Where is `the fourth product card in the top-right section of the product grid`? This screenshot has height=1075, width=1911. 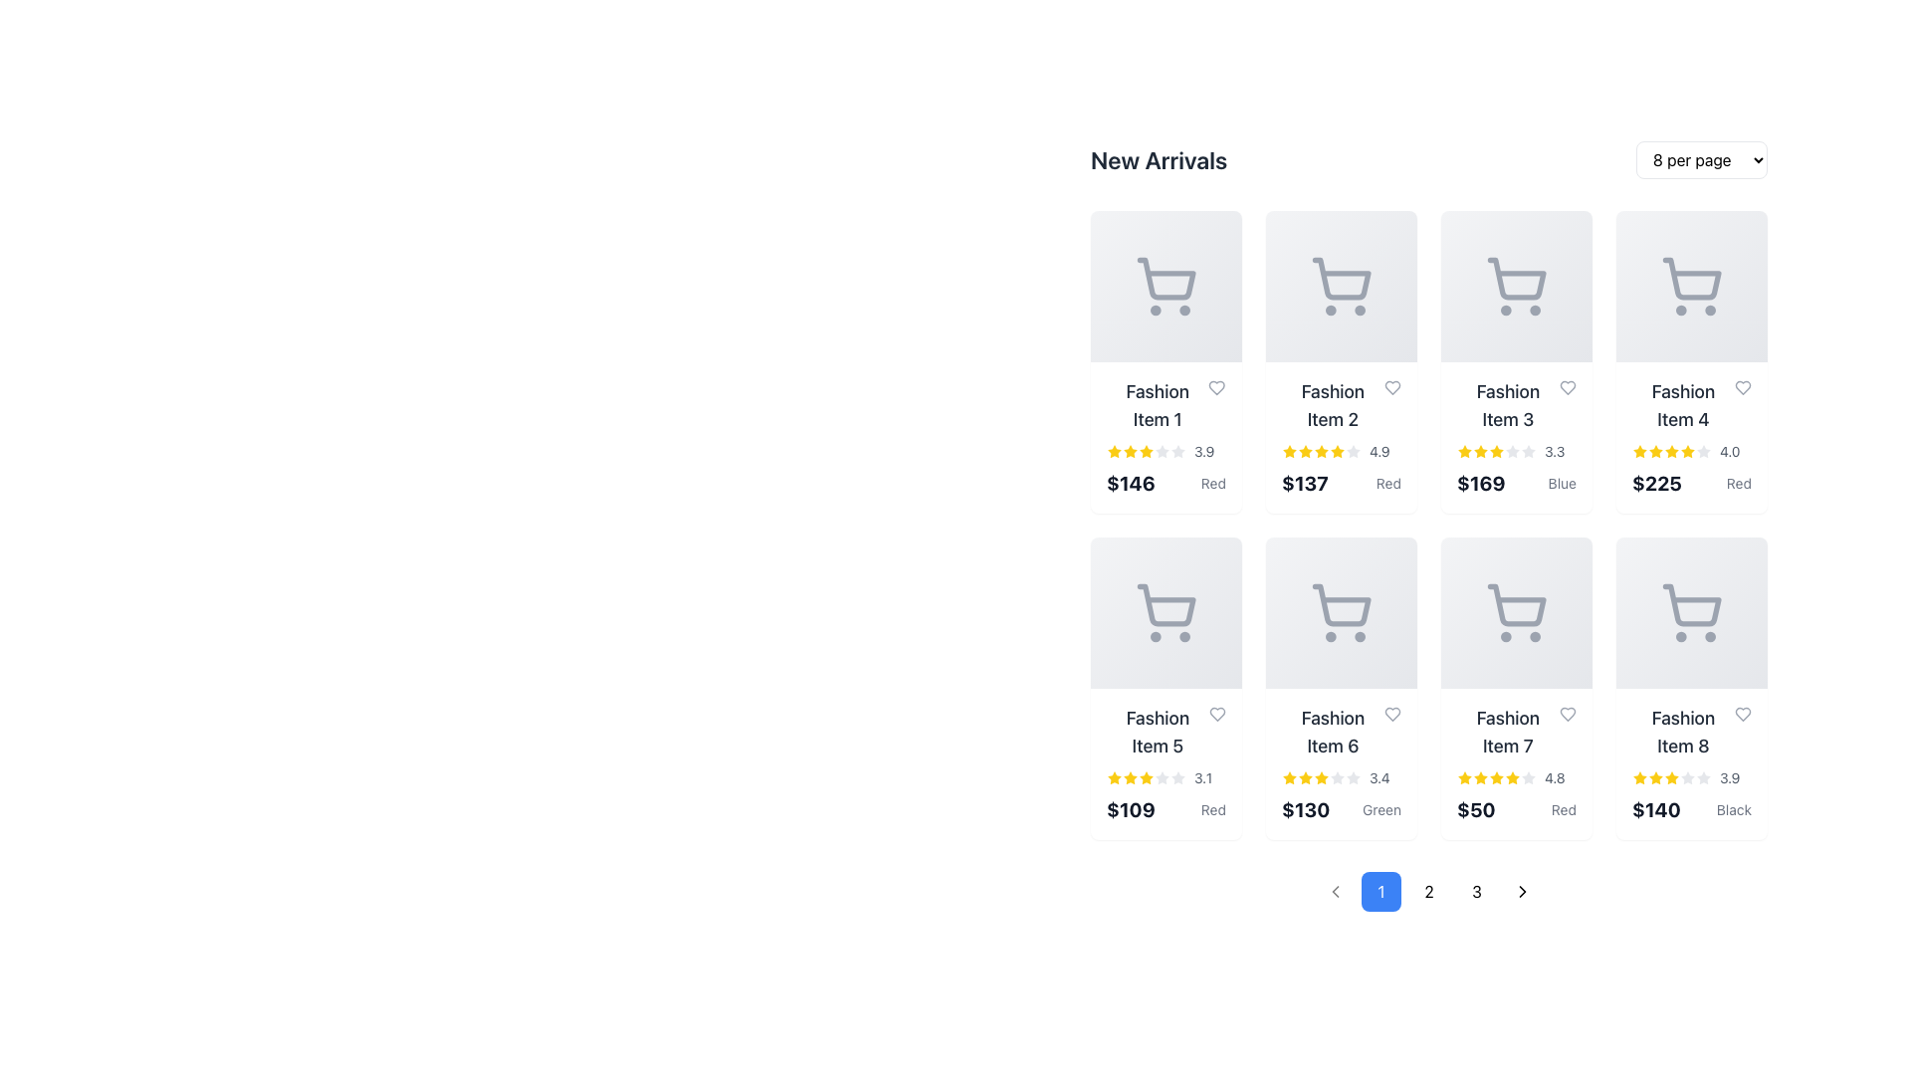
the fourth product card in the top-right section of the product grid is located at coordinates (1690, 361).